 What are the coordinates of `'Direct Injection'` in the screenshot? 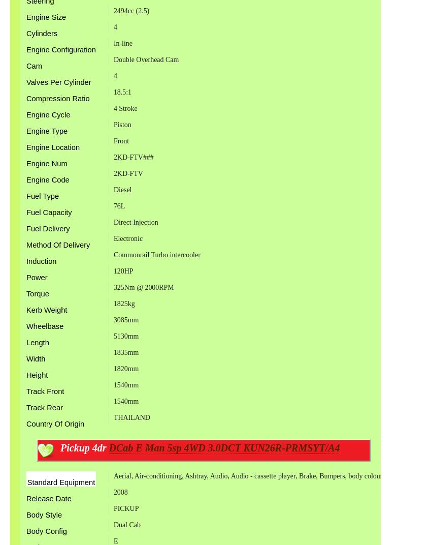 It's located at (136, 222).